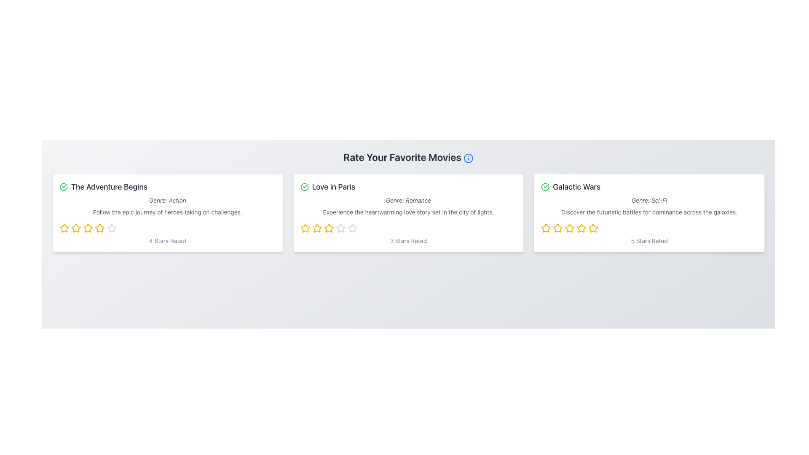 Image resolution: width=809 pixels, height=455 pixels. Describe the element at coordinates (305, 228) in the screenshot. I see `the first star icon in the five-star rating system for the movie 'Love in Paris' to give a rating` at that location.